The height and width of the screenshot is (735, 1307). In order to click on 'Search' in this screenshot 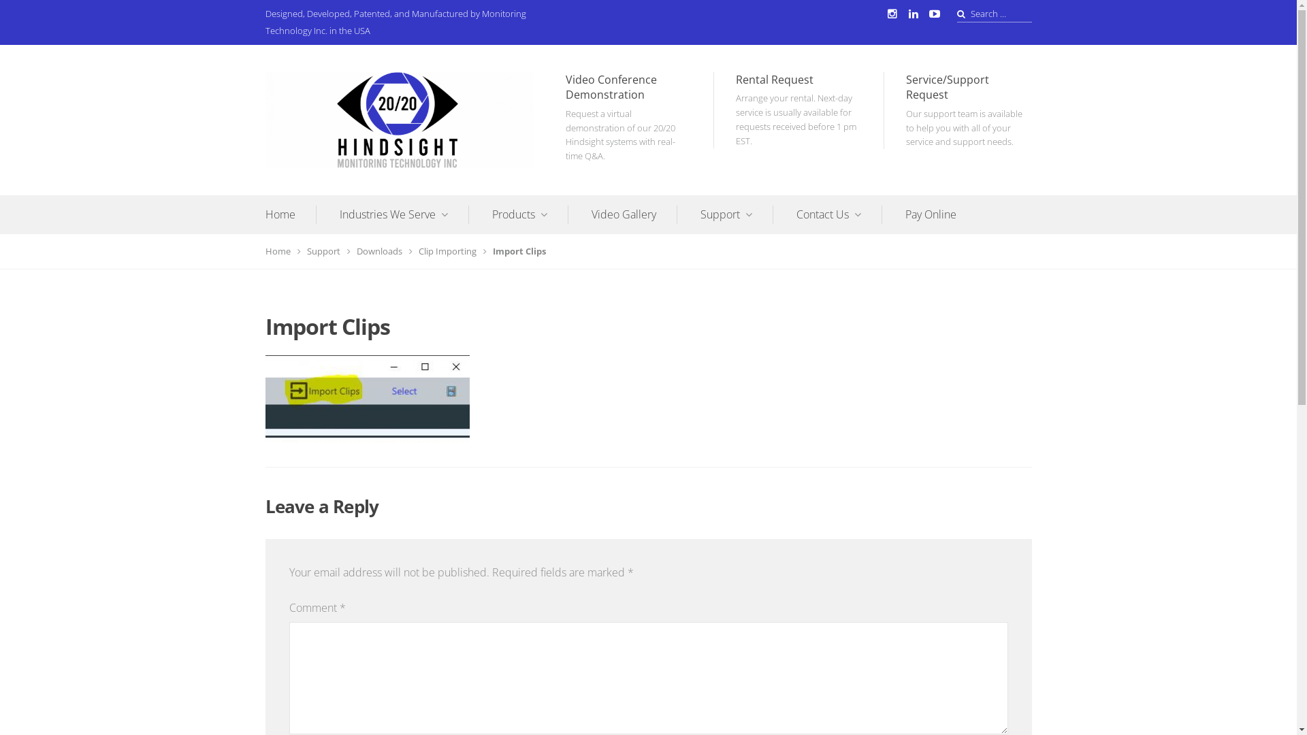, I will do `click(29, 15)`.